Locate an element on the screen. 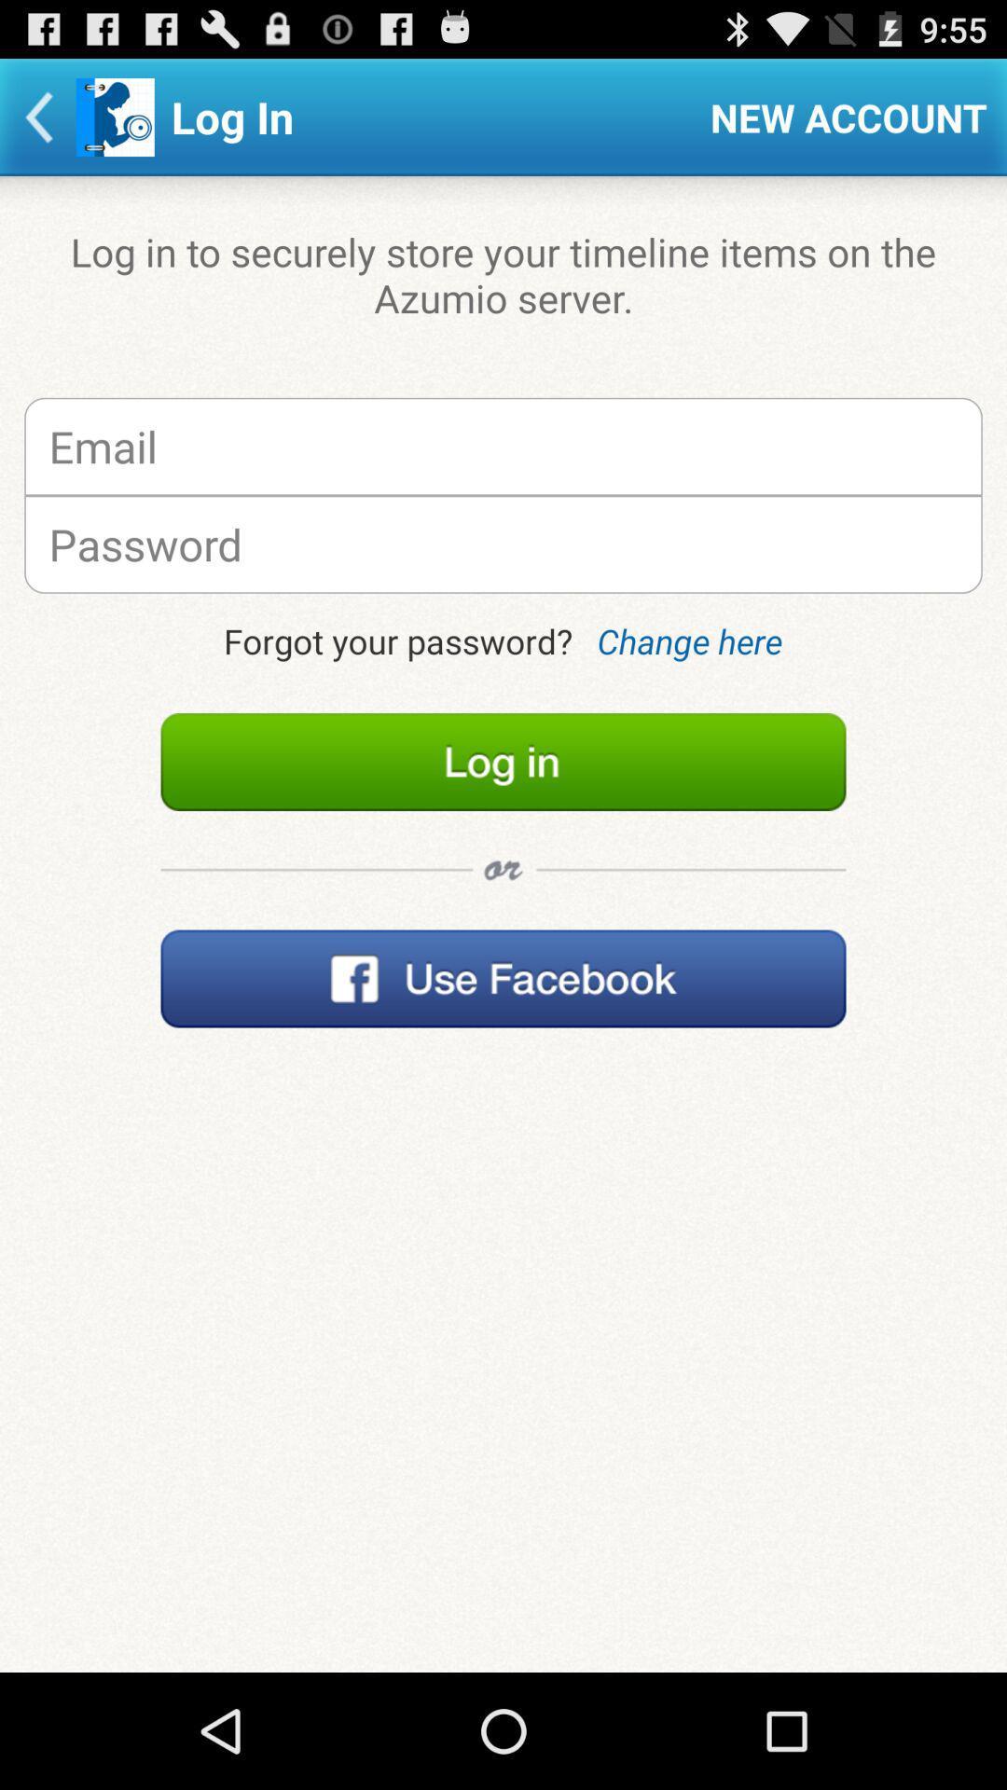 This screenshot has width=1007, height=1790. open facebook is located at coordinates (504, 978).